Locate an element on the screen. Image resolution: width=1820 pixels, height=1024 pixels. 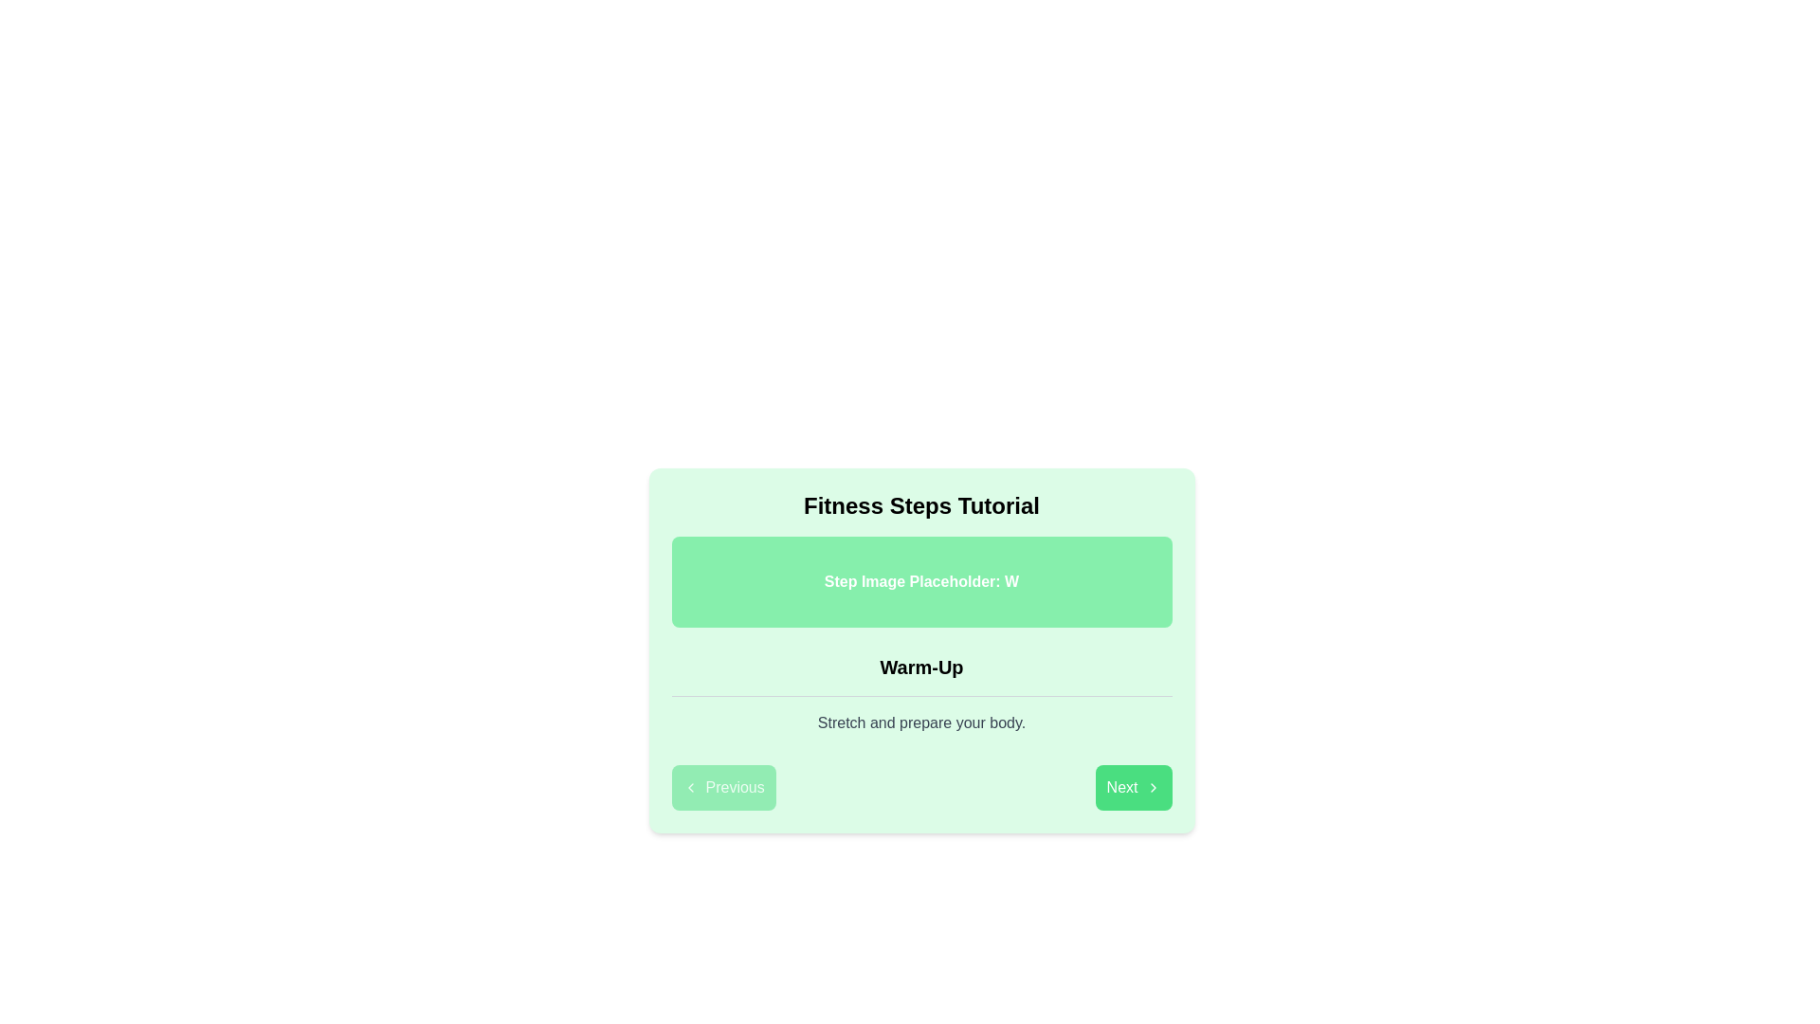
the 'Previous' and 'Next' buttons in the navigation control located at the bottom of the card layout is located at coordinates (921, 787).